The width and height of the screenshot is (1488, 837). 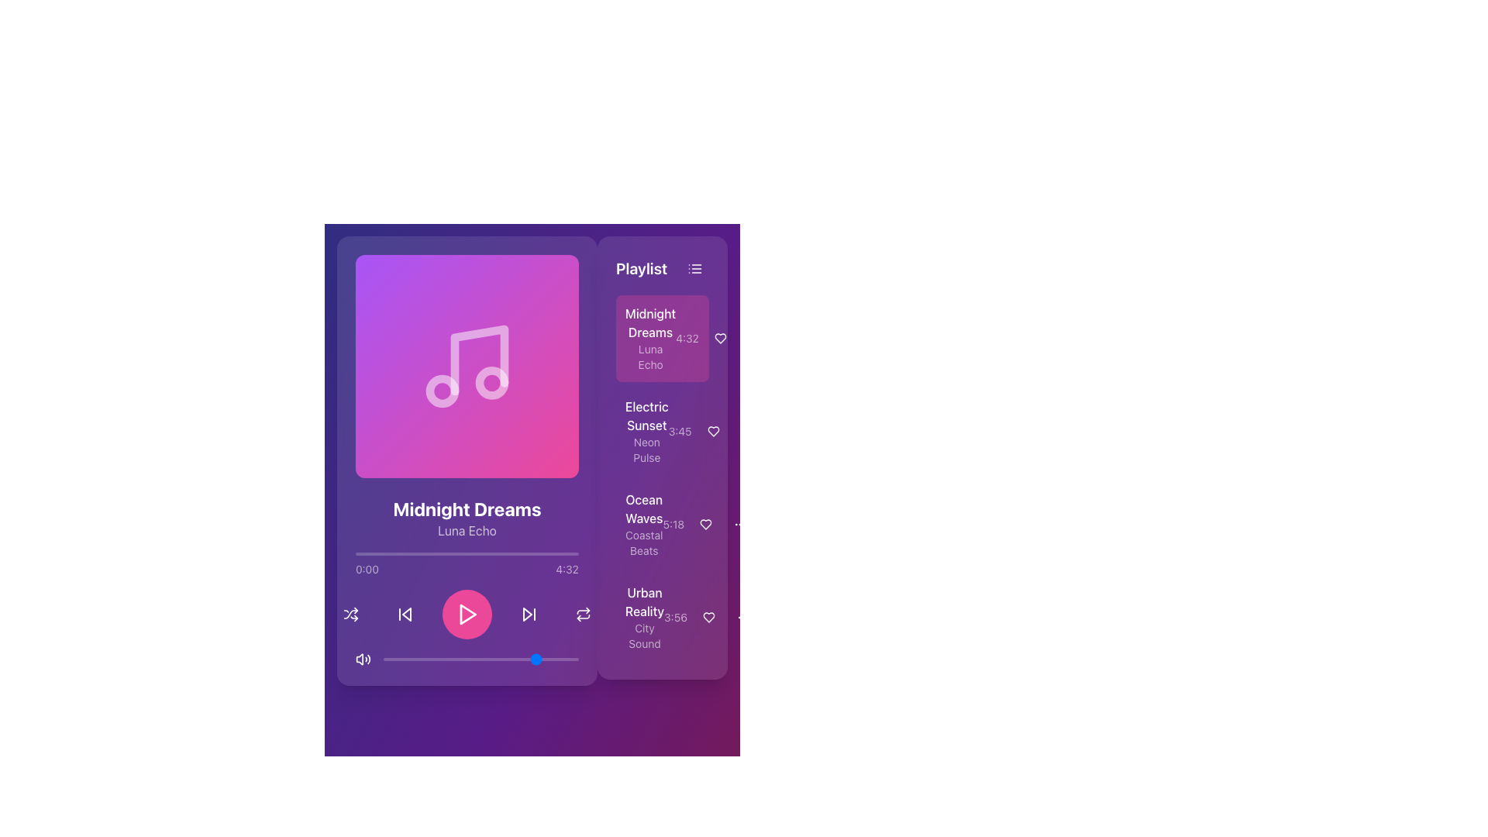 I want to click on the text label displaying the title of the current track being played, located in the central section of the media interface below the album artwork, to potentially reveal additional options, so click(x=467, y=508).